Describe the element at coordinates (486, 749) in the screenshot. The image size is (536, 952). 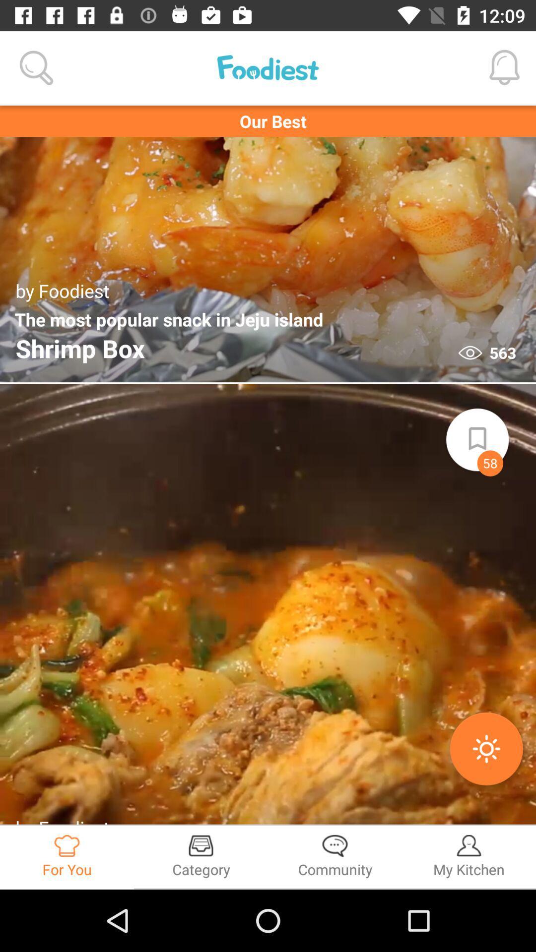
I see `the settings icon` at that location.